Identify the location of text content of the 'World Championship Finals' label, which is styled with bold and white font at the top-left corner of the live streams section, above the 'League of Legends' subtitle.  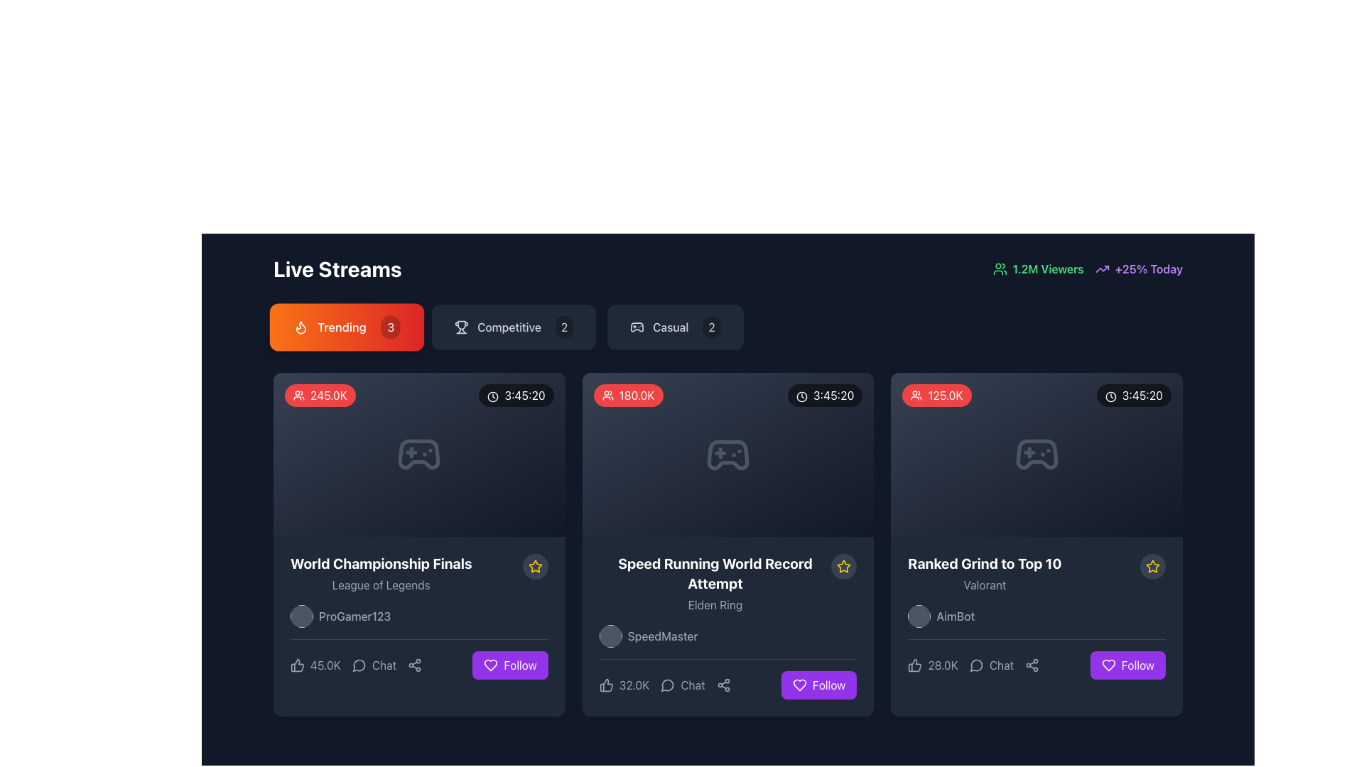
(381, 563).